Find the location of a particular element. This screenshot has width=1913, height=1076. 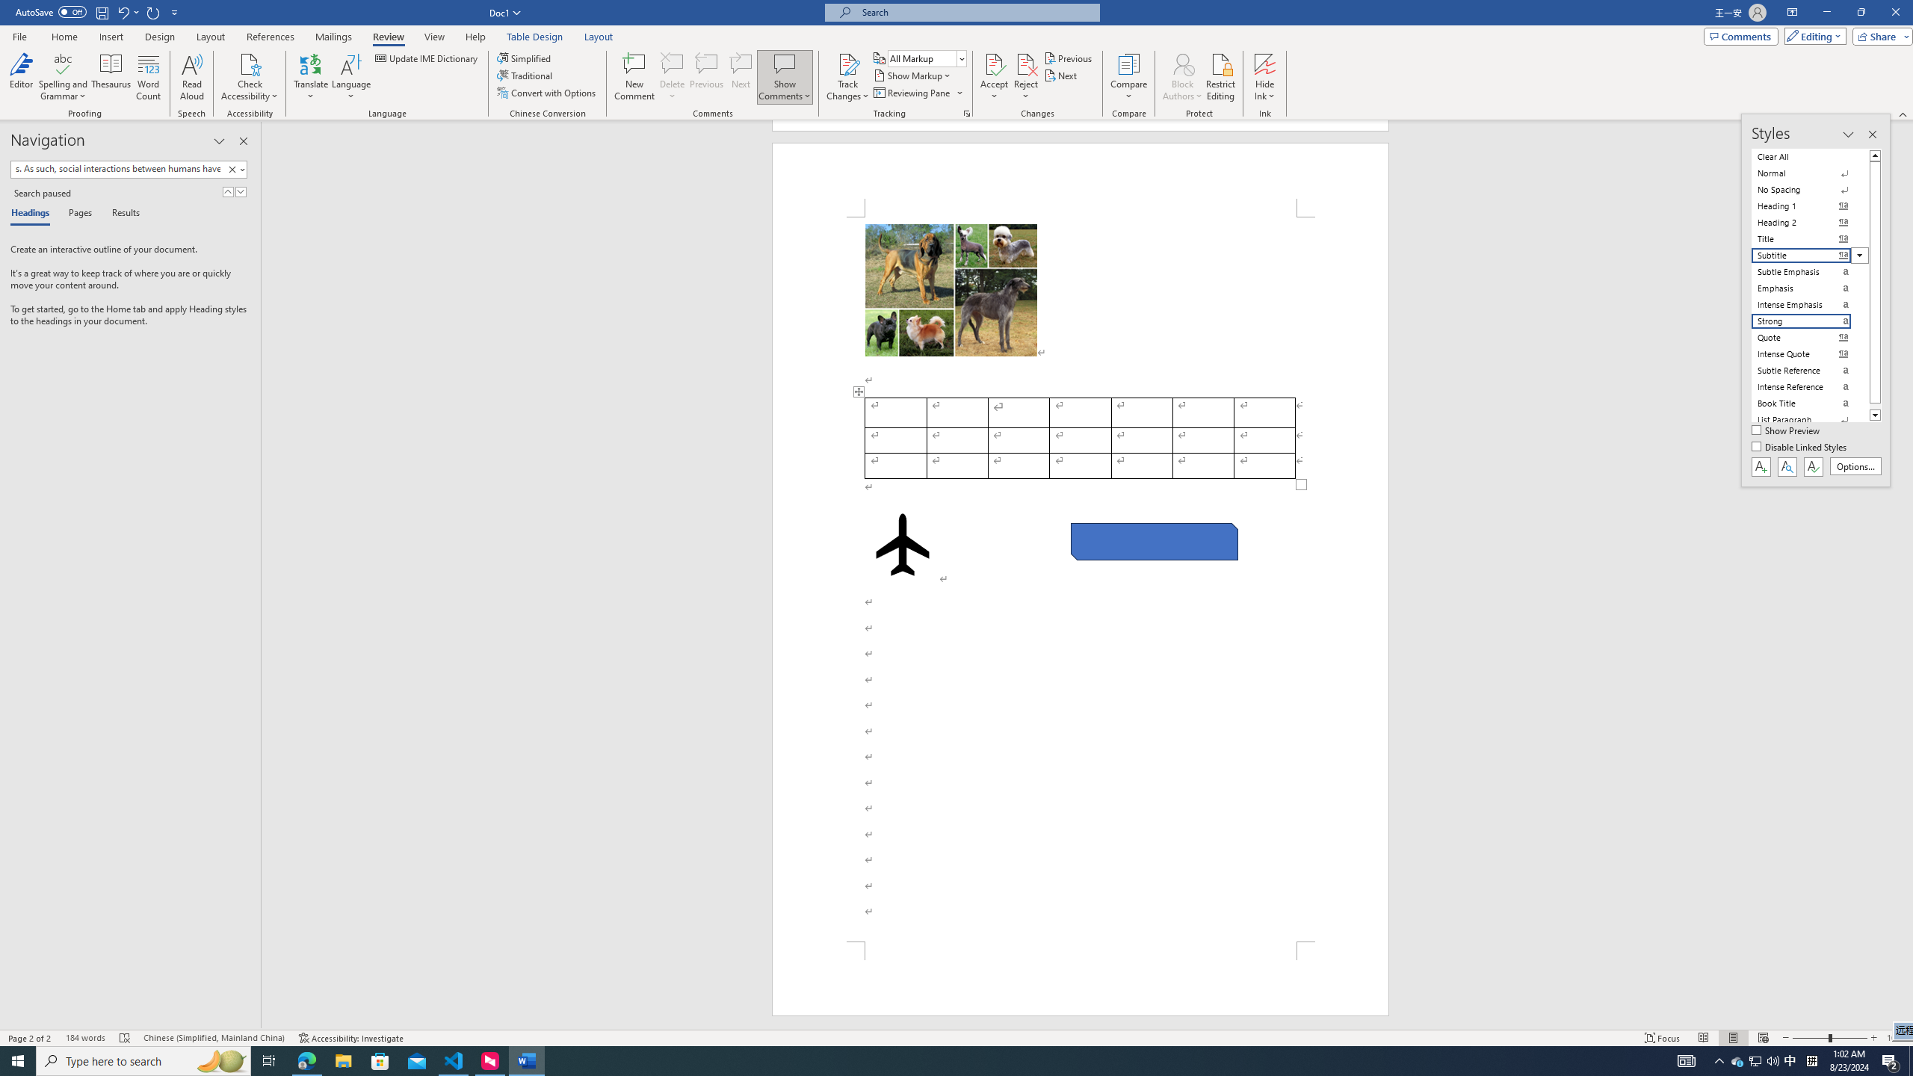

'Strong' is located at coordinates (1810, 320).